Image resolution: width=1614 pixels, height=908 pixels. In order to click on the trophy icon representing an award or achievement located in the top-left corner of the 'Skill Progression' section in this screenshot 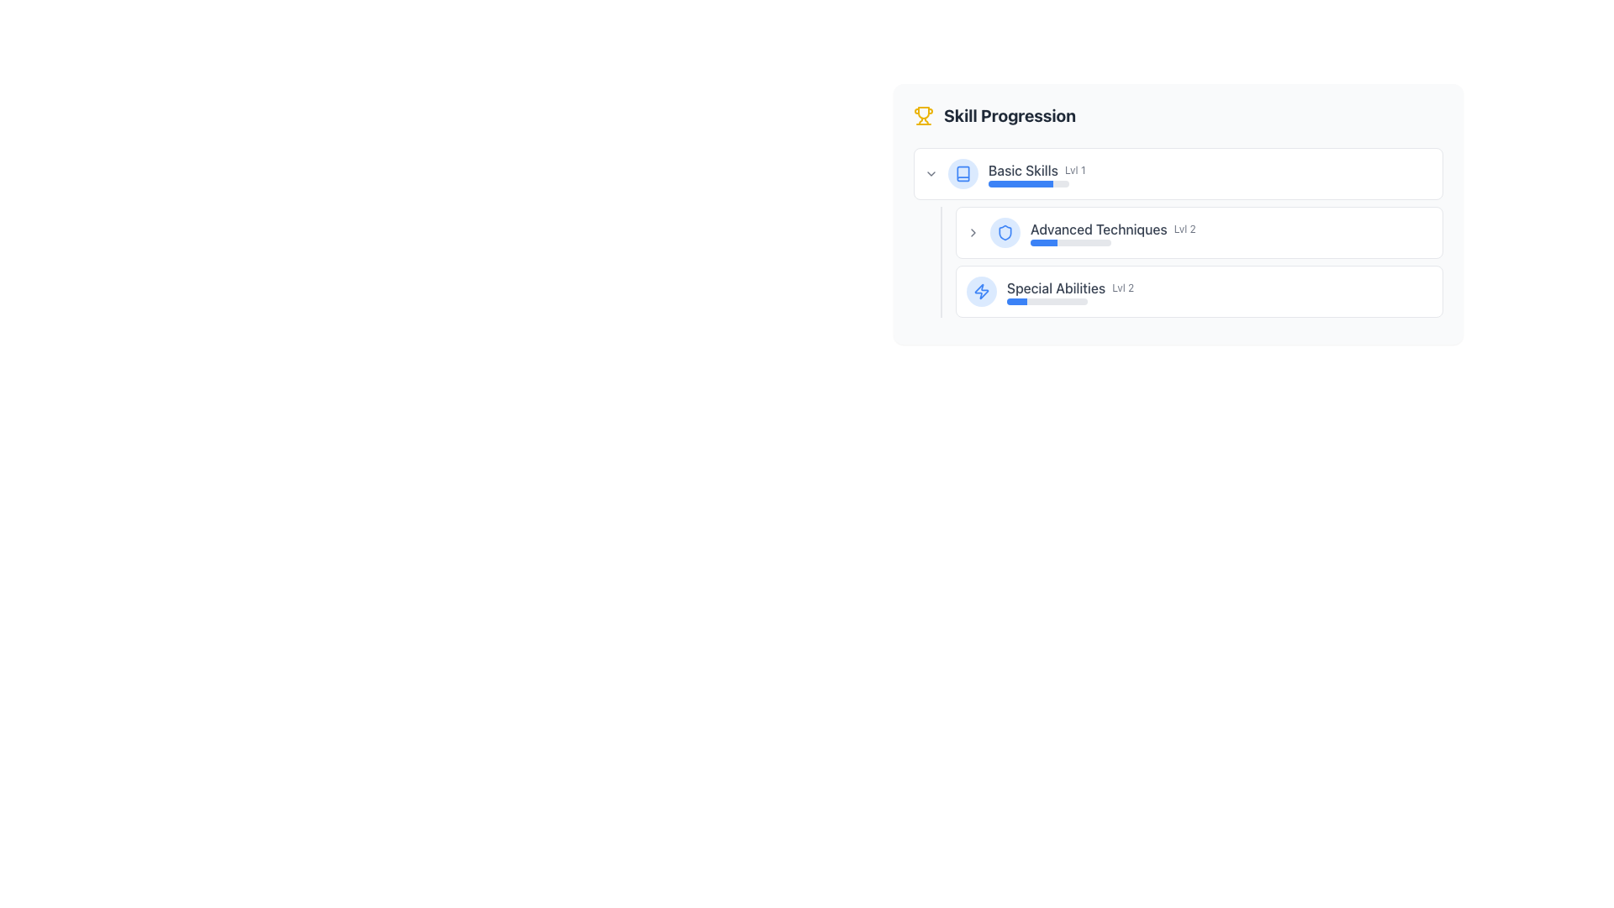, I will do `click(923, 115)`.